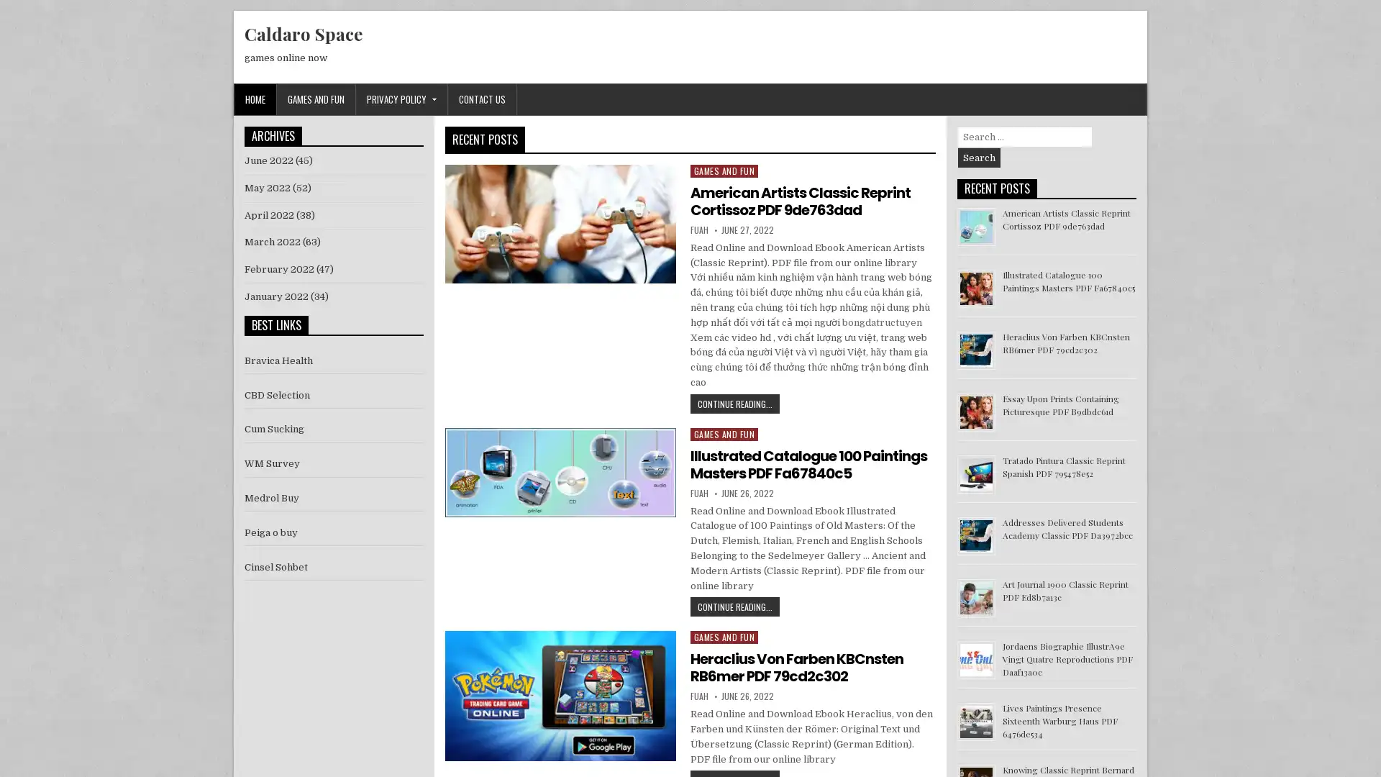  Describe the element at coordinates (978, 158) in the screenshot. I see `Search` at that location.